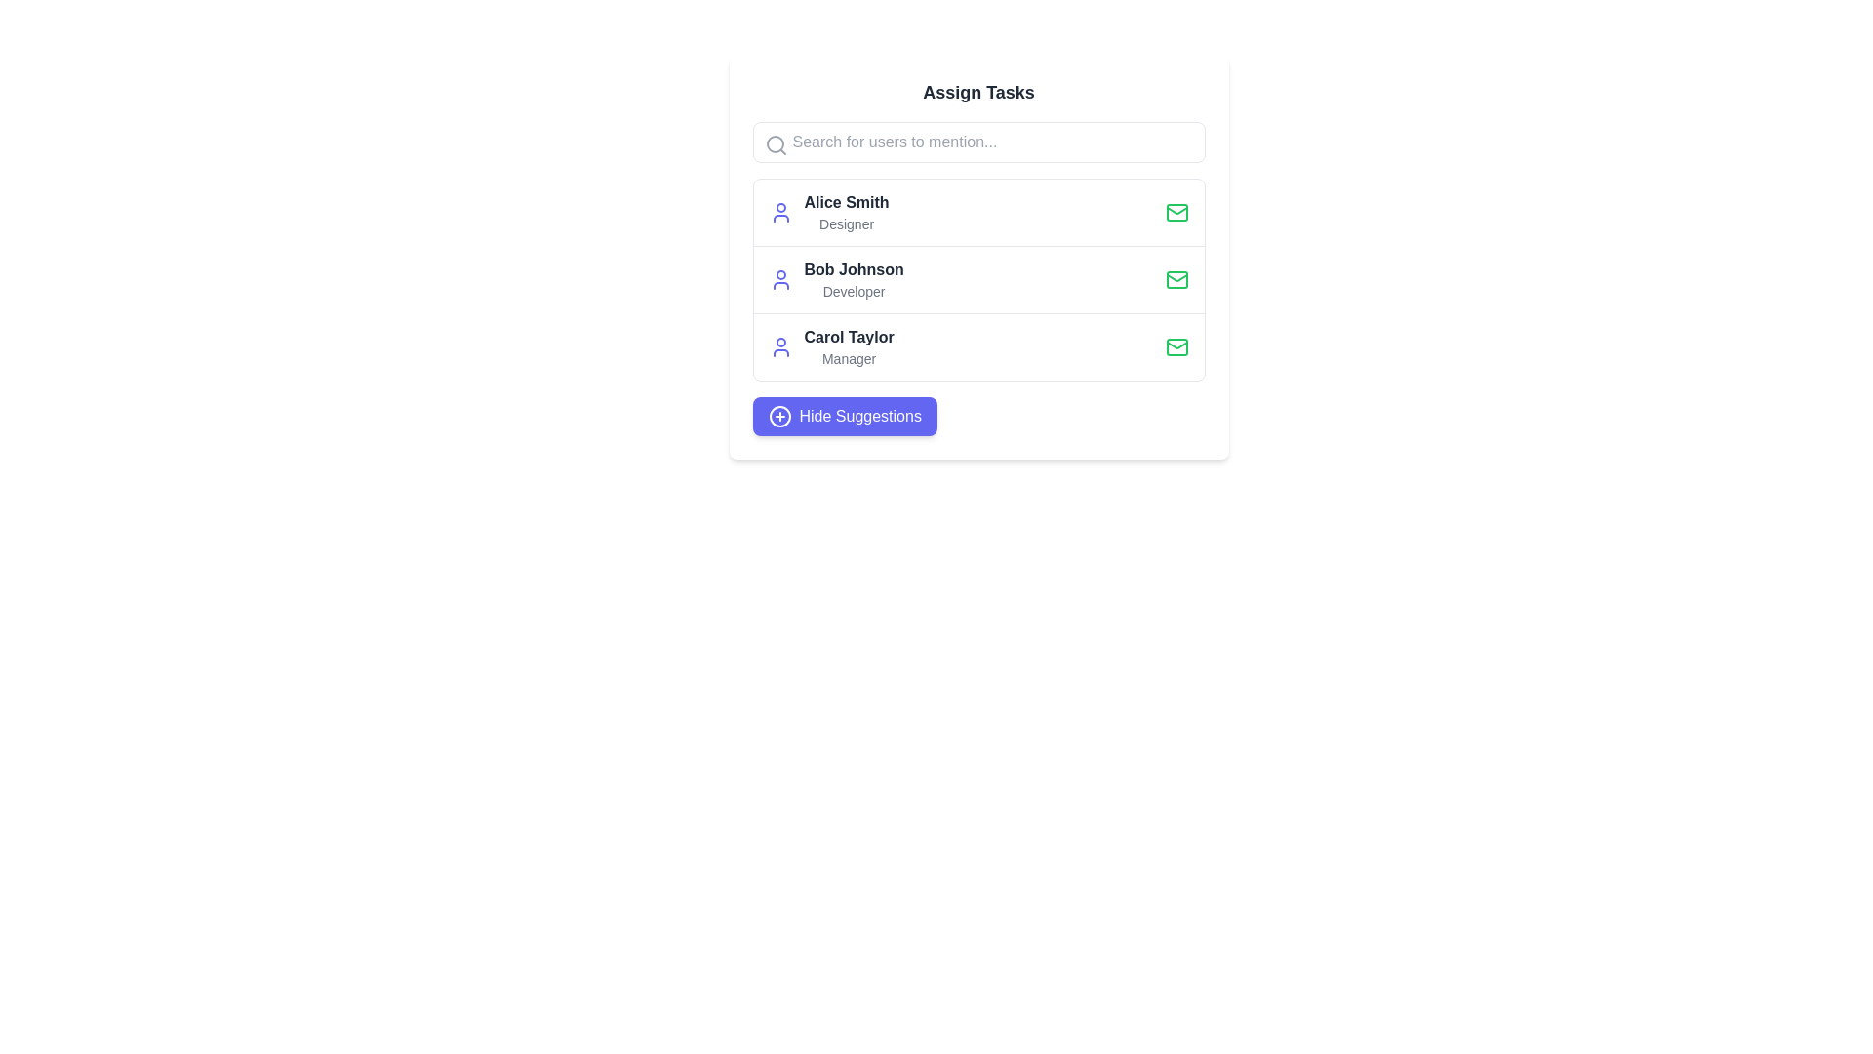 The height and width of the screenshot is (1054, 1873). I want to click on the user profile icon for 'Carol Taylor', which is styled with blue lines and has a circular head, positioned at the left of her name in the user listing, so click(780, 345).